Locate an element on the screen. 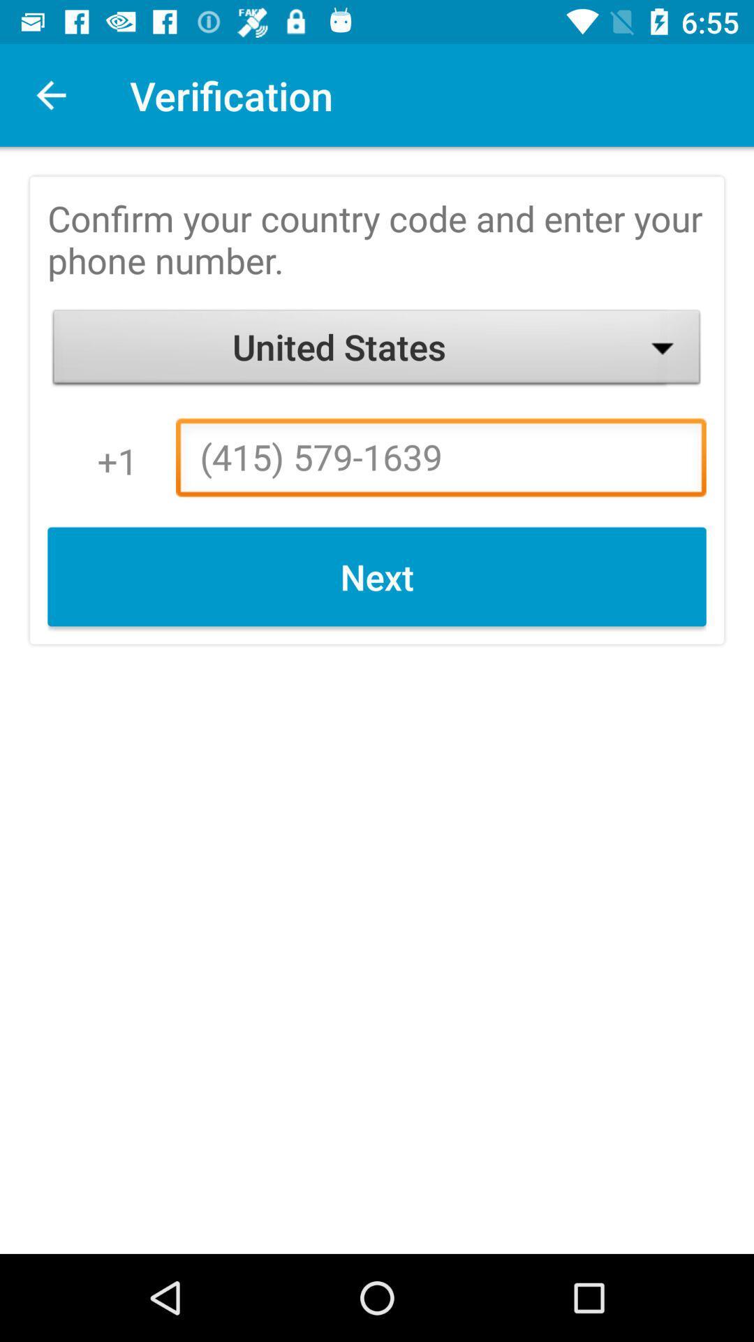 Image resolution: width=754 pixels, height=1342 pixels. the icon above next item is located at coordinates (441, 461).